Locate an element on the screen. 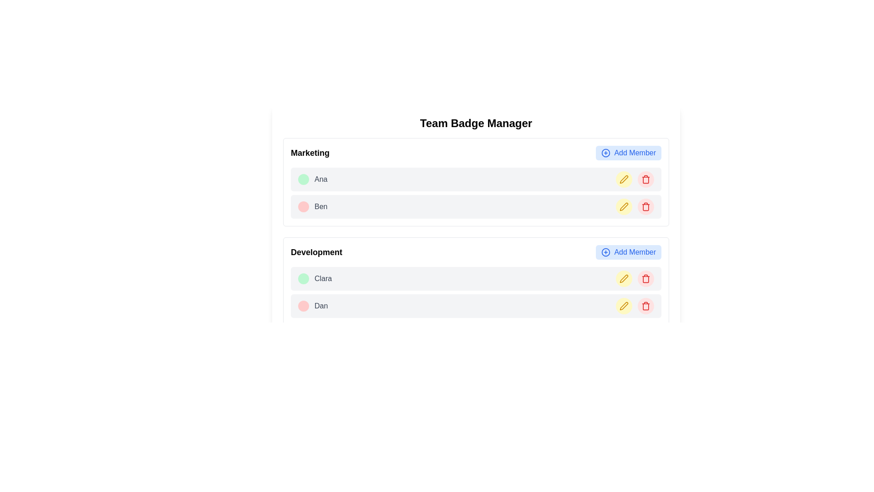 This screenshot has width=874, height=492. the SVG circle element that is part of the 'Add Member' button's icon located at the top-right corner of the 'Team Badge Manager' interface in the 'Development' section is located at coordinates (606, 252).